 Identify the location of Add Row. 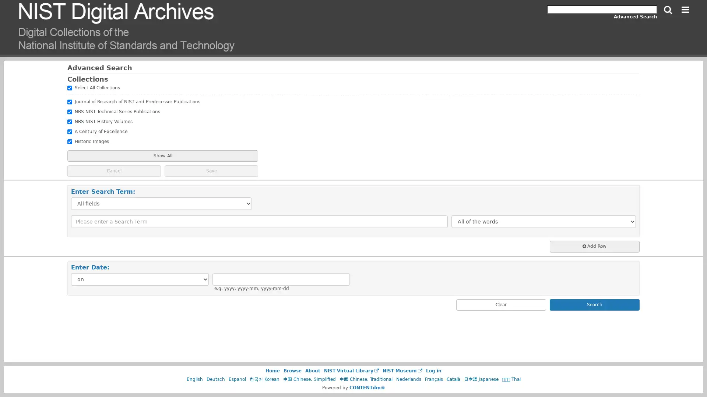
(594, 246).